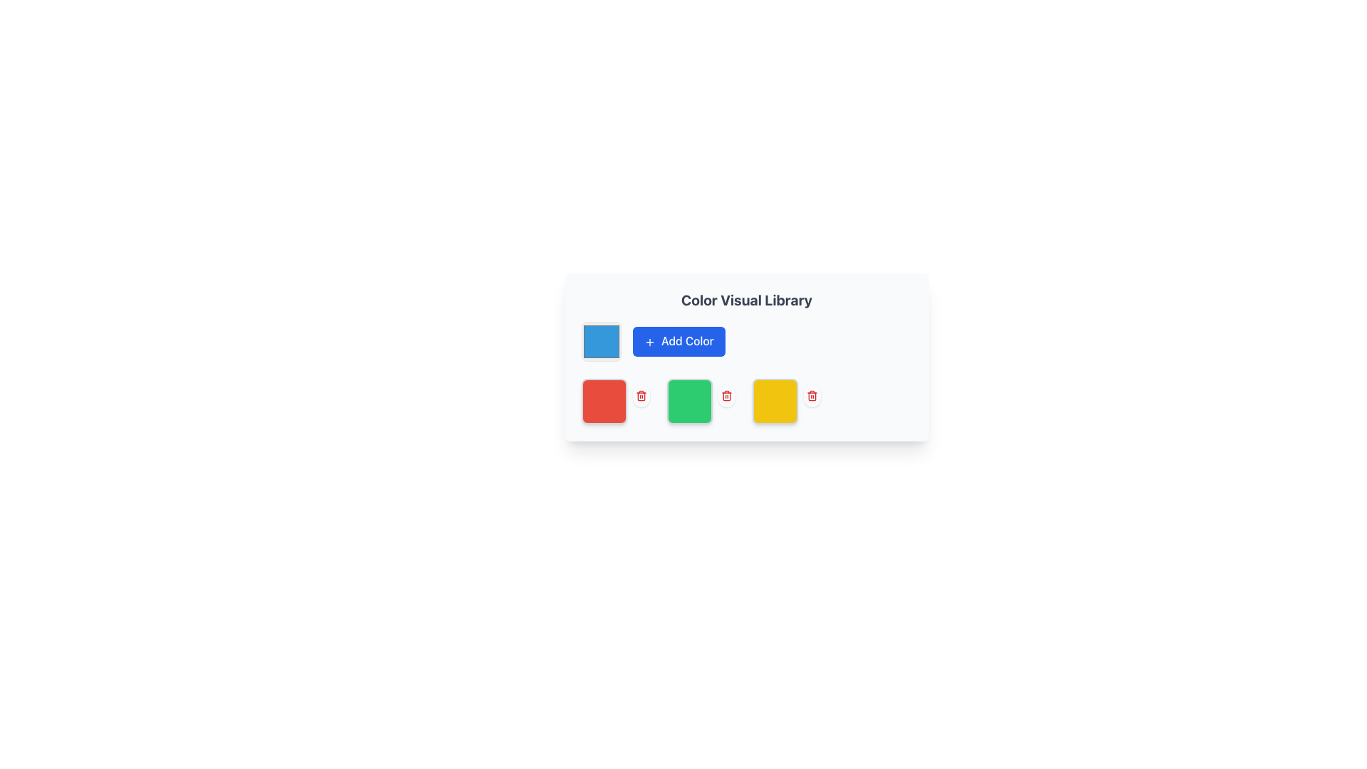 Image resolution: width=1367 pixels, height=769 pixels. What do you see at coordinates (641, 396) in the screenshot?
I see `the Trash Bin Body icon, which is a rounded corner rectangle in red color, centrally aligned within the trash bin SVG icon` at bounding box center [641, 396].